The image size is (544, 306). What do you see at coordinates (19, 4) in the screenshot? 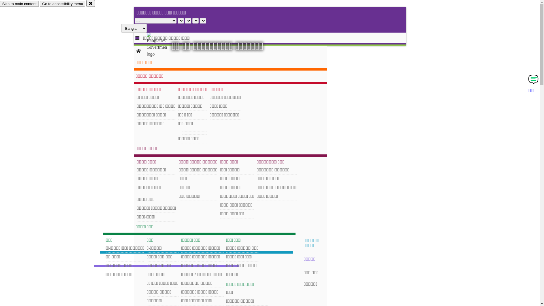
I see `'Skip to main content'` at bounding box center [19, 4].